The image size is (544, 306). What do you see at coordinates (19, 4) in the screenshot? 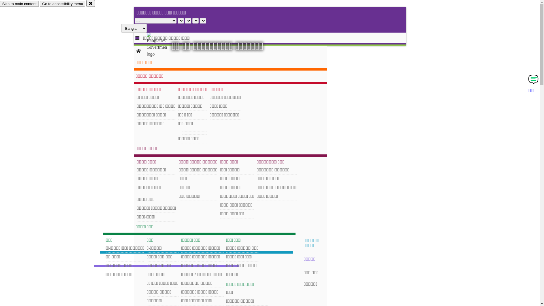
I see `'Skip to main content'` at bounding box center [19, 4].